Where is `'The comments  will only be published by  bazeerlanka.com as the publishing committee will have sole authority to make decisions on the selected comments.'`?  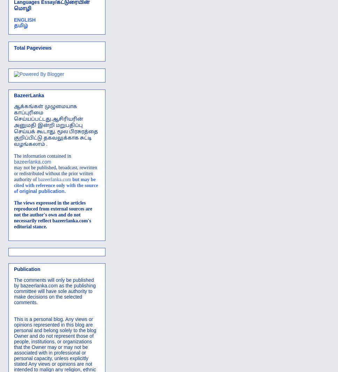 'The comments  will only be published by  bazeerlanka.com as the publishing committee will have sole authority to make decisions on the selected comments.' is located at coordinates (54, 291).